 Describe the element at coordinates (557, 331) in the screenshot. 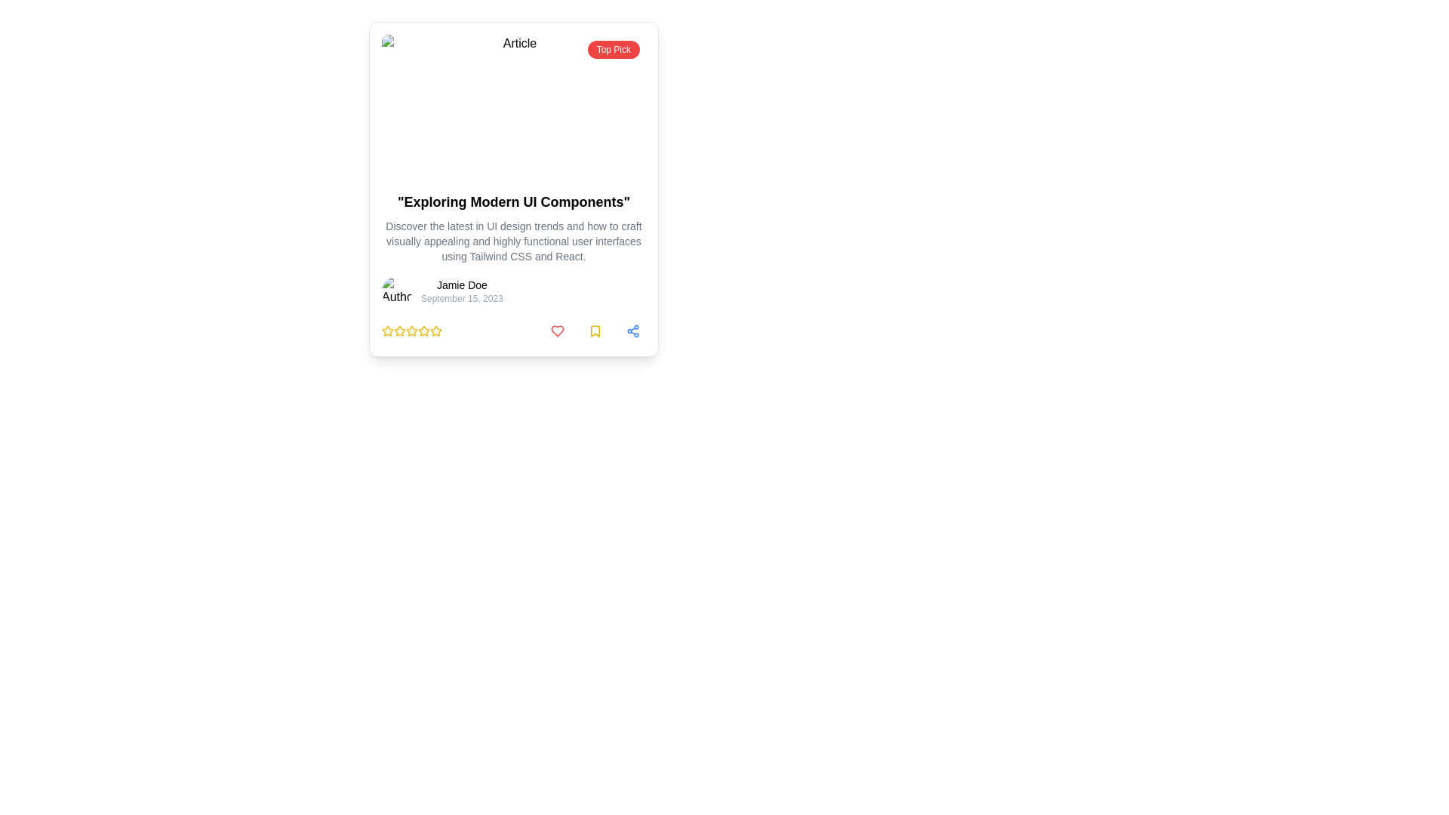

I see `the red heart icon, which is a stylized heart shape located at the bottom right of the card-like component for favoriting content` at that location.